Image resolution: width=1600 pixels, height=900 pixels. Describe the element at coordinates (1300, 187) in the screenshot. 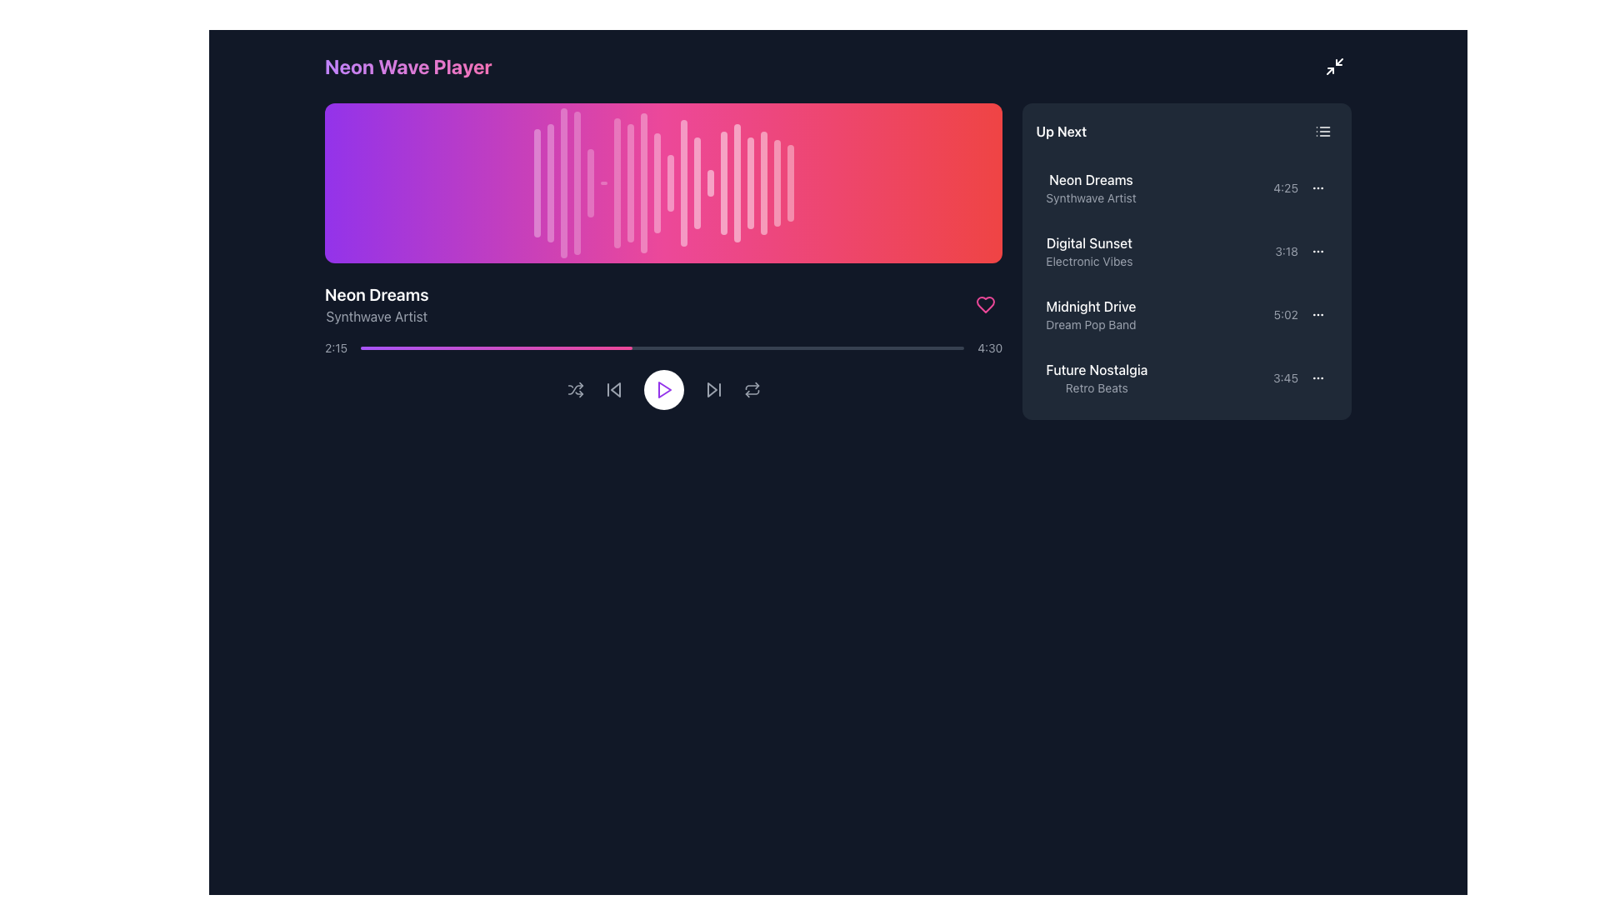

I see `the text label that indicates the duration of the 'Neon Dreams' track in the playlist, located on the right-hand side of the list item in the 'Up Next' section` at that location.